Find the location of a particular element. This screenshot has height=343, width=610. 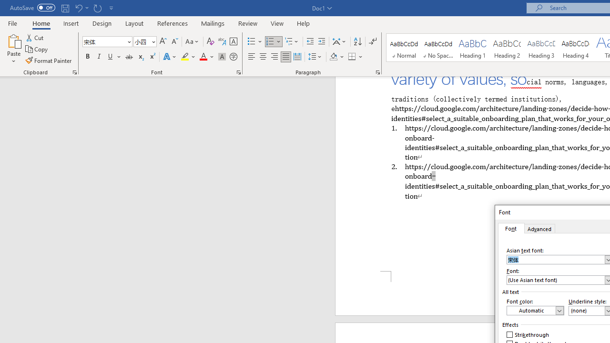

'Phonetic Guide...' is located at coordinates (221, 41).